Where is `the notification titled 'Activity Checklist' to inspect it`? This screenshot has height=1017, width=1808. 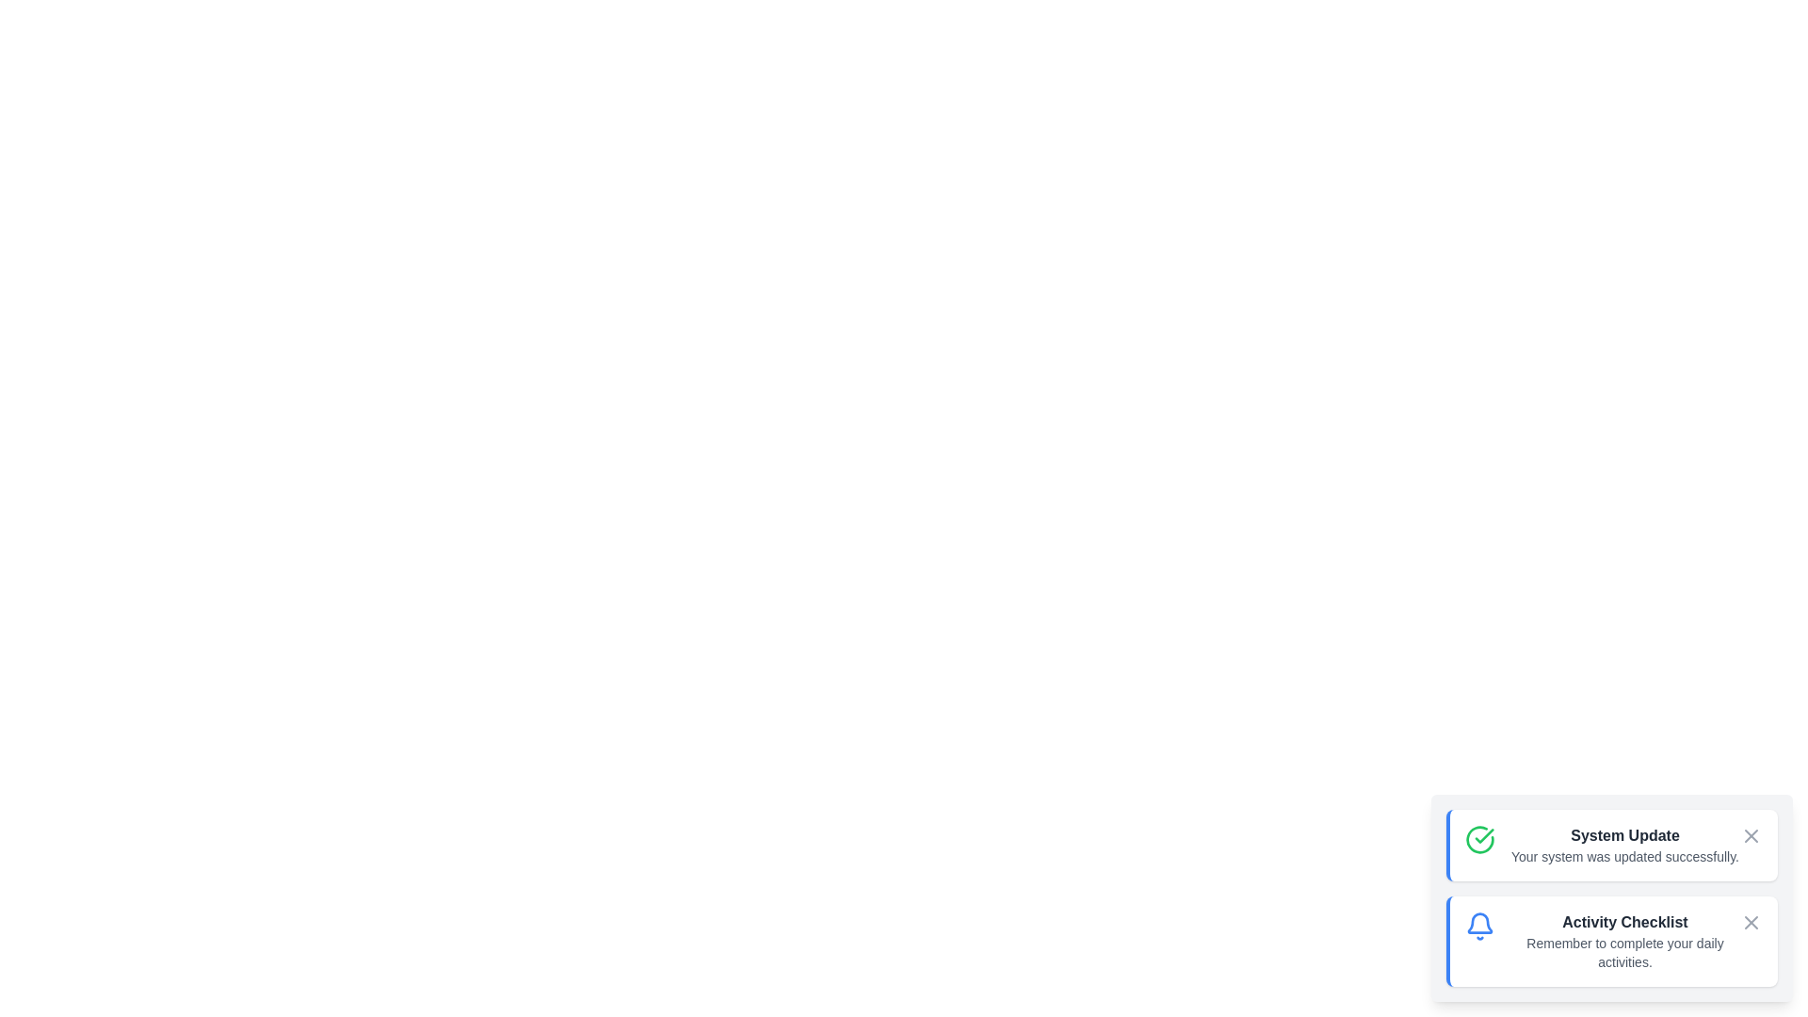 the notification titled 'Activity Checklist' to inspect it is located at coordinates (1611, 941).